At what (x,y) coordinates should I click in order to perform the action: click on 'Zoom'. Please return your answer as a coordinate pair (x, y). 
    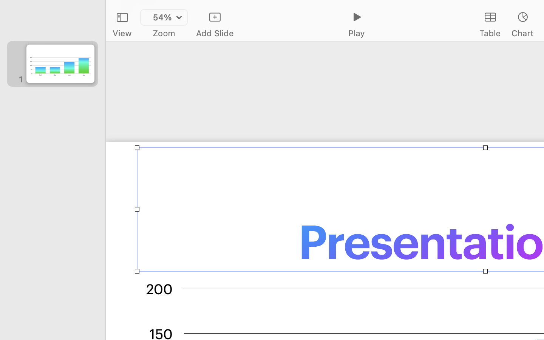
    Looking at the image, I should click on (164, 33).